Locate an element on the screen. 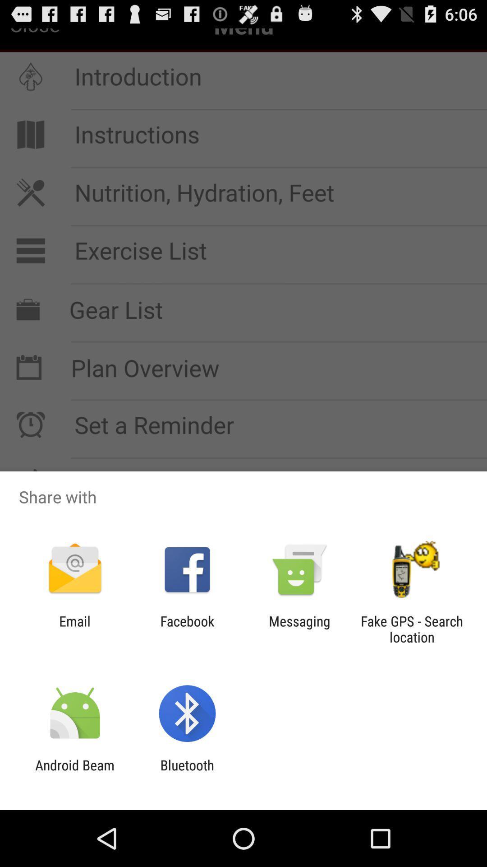 This screenshot has width=487, height=867. the app to the left of bluetooth icon is located at coordinates (74, 773).